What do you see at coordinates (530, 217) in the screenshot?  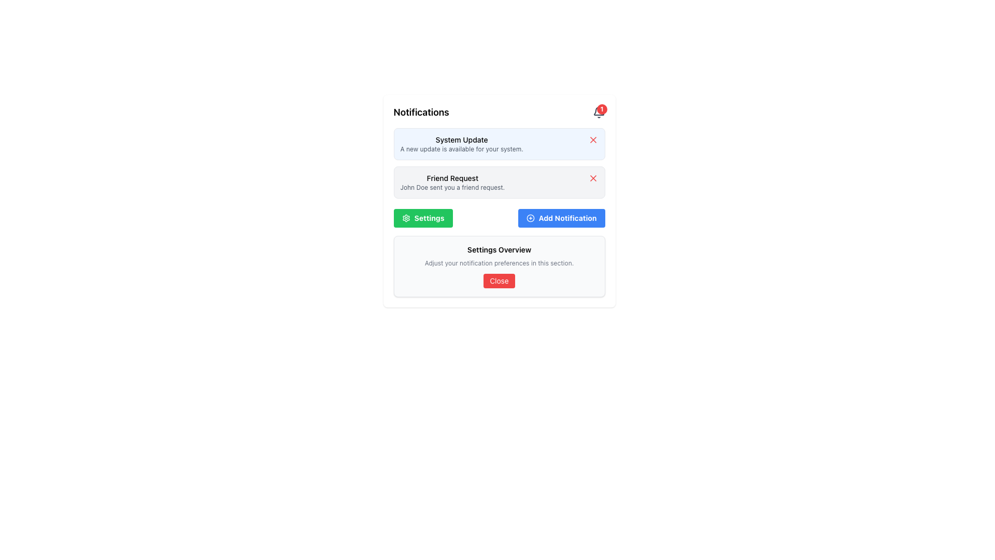 I see `the icon symbolizing a circle with a plus sign, located to the left of the text 'Add Notification' inside a blue button at the bottom of the notifications list` at bounding box center [530, 217].